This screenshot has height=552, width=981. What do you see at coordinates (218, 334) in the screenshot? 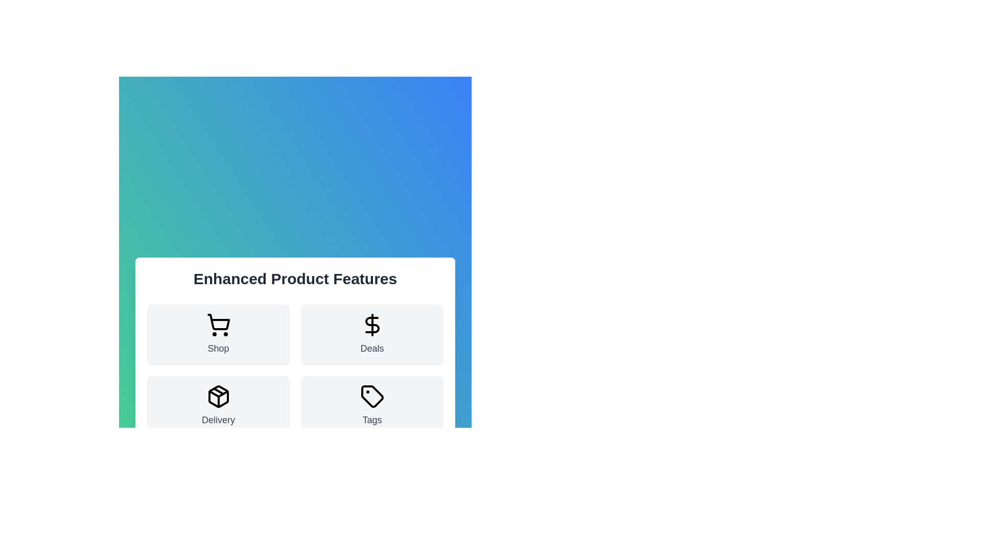
I see `the 'Shop' button located in the top-left cell of the grid below 'Enhanced Product Features'` at bounding box center [218, 334].